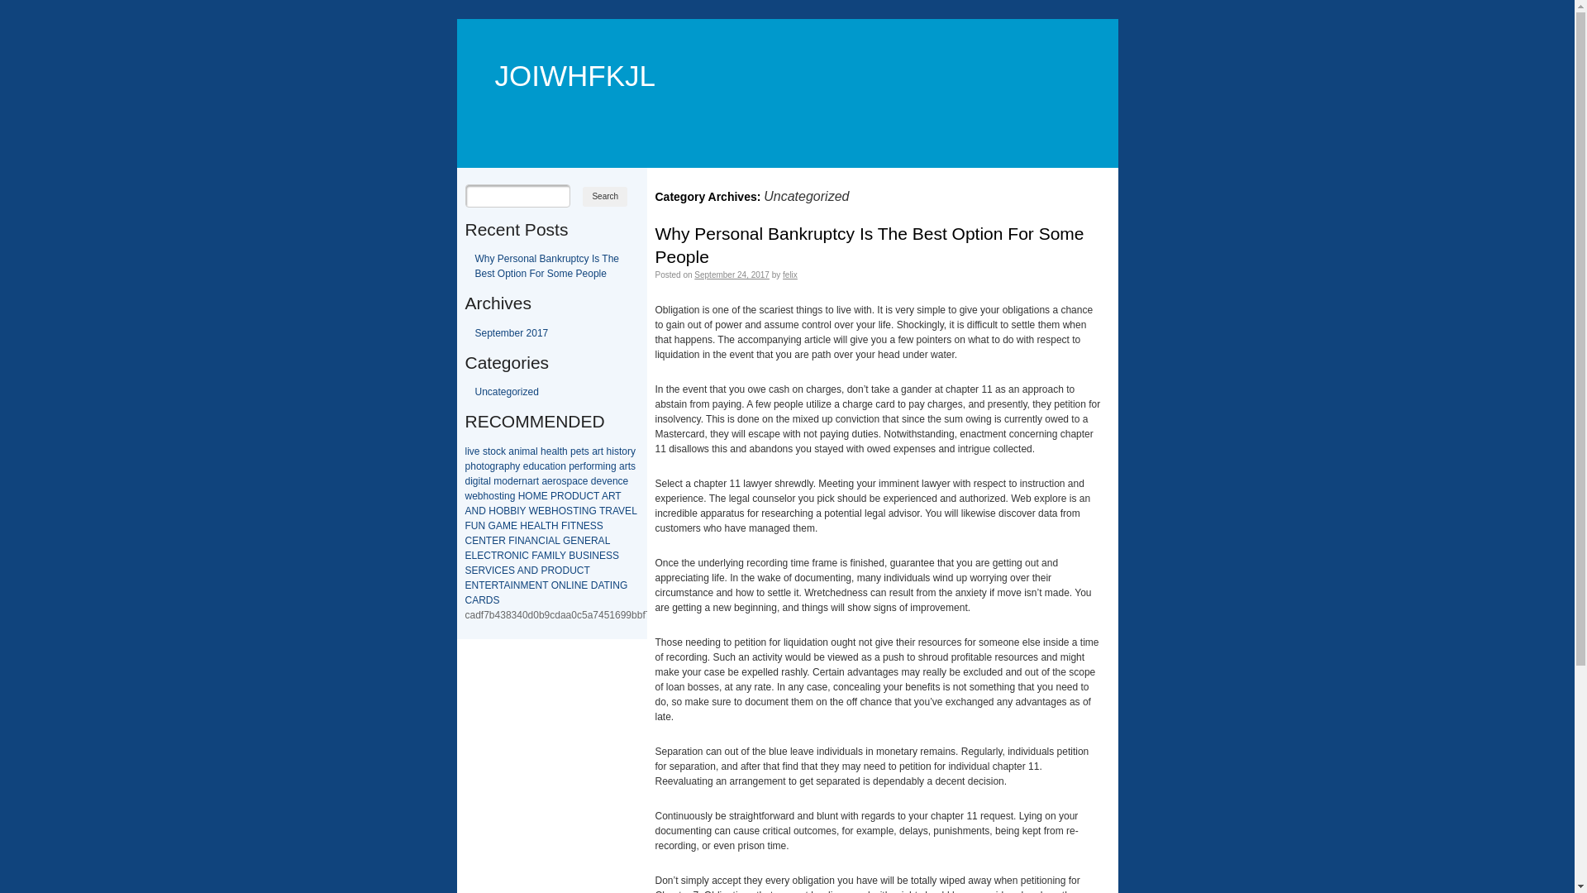 This screenshot has width=1587, height=893. I want to click on 'B', so click(512, 509).